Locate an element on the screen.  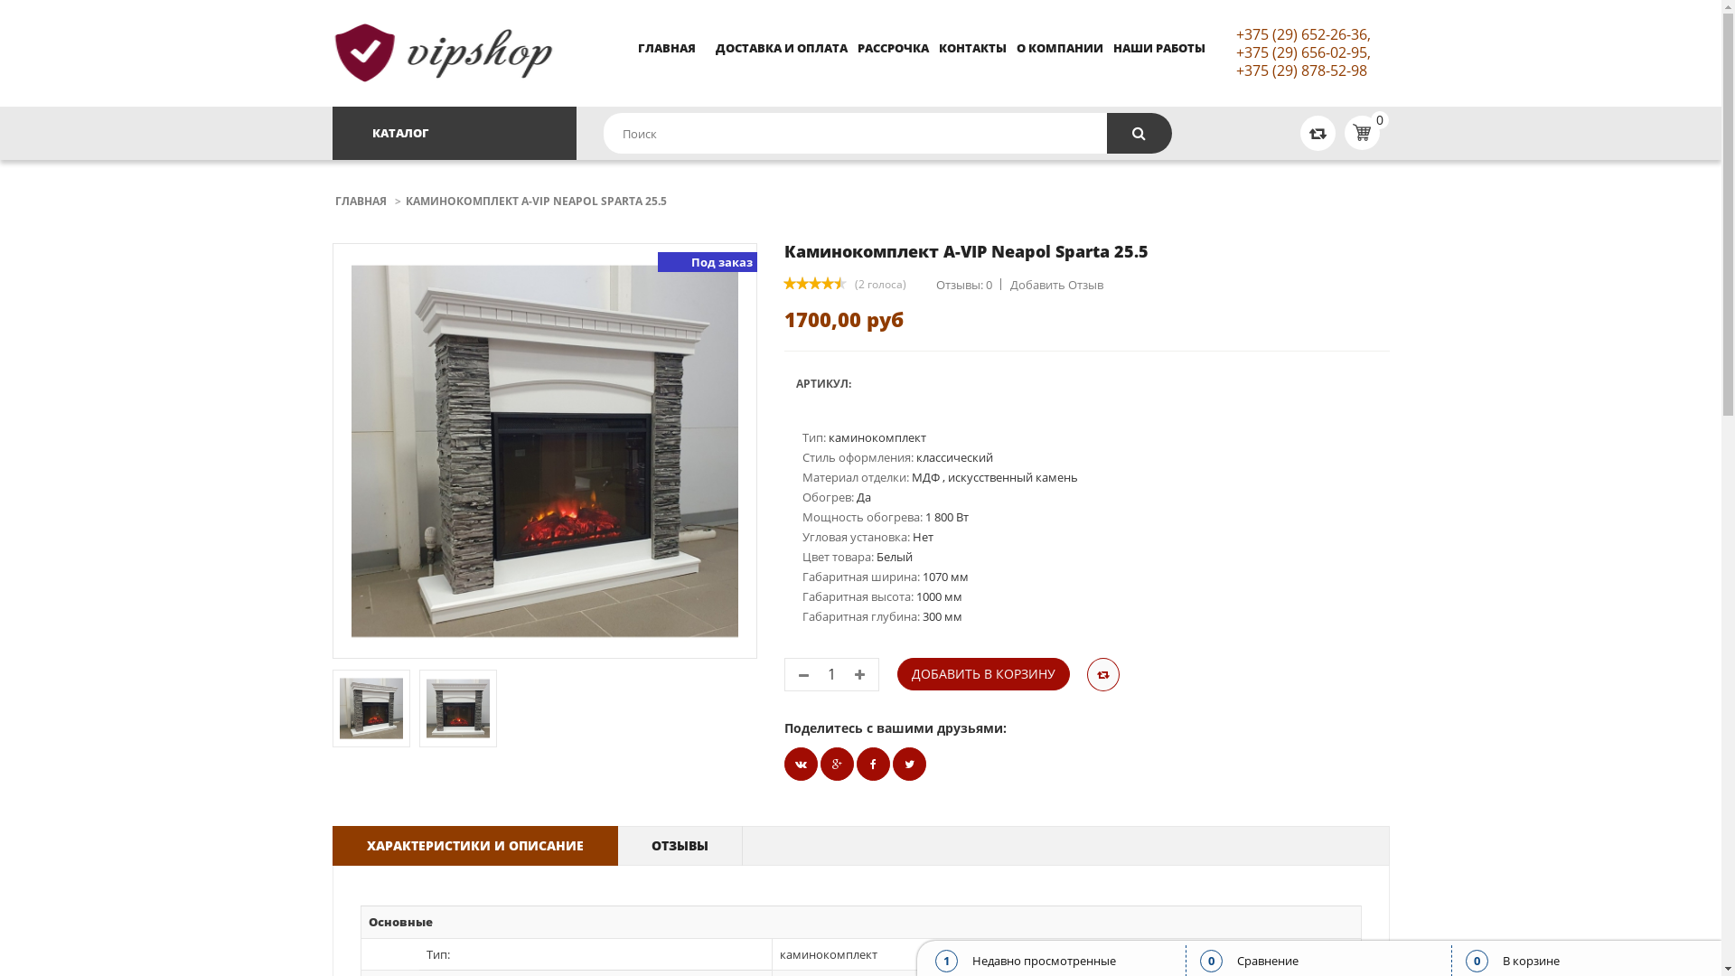
'0' is located at coordinates (1339, 131).